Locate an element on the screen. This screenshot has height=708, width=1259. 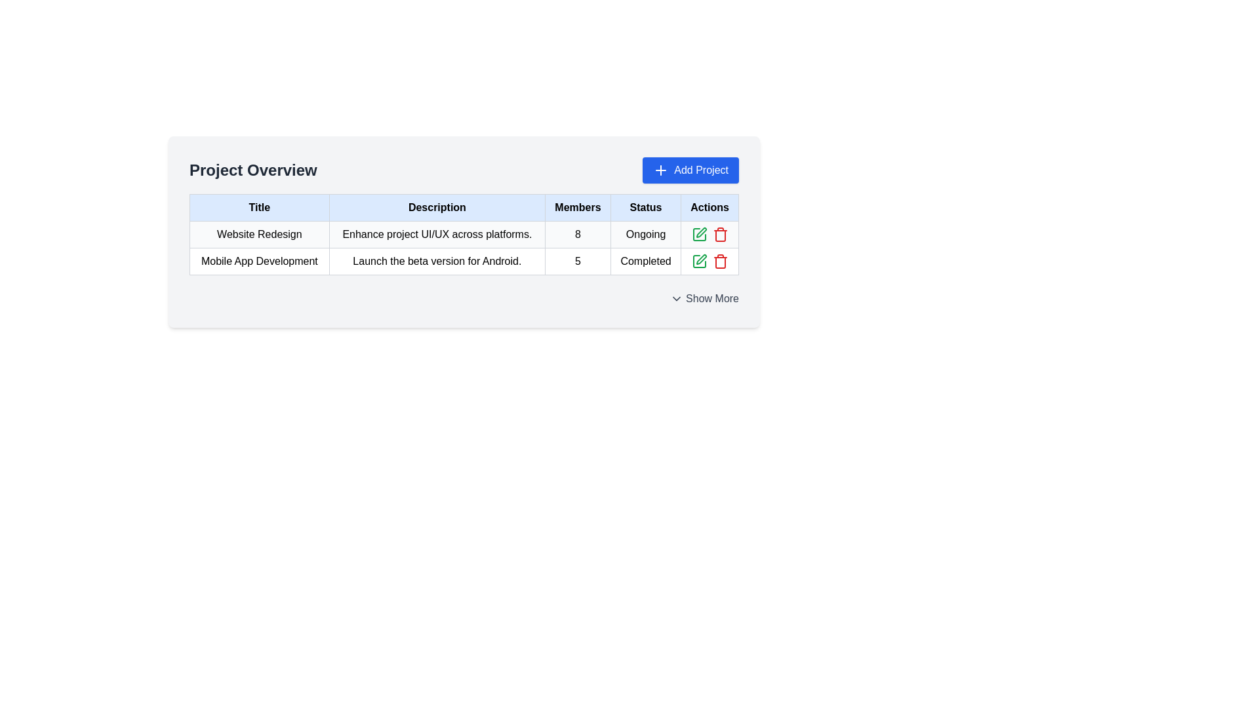
the blue 'Add Project' button with rounded corners and a plus icon to observe the hover effects is located at coordinates (690, 169).